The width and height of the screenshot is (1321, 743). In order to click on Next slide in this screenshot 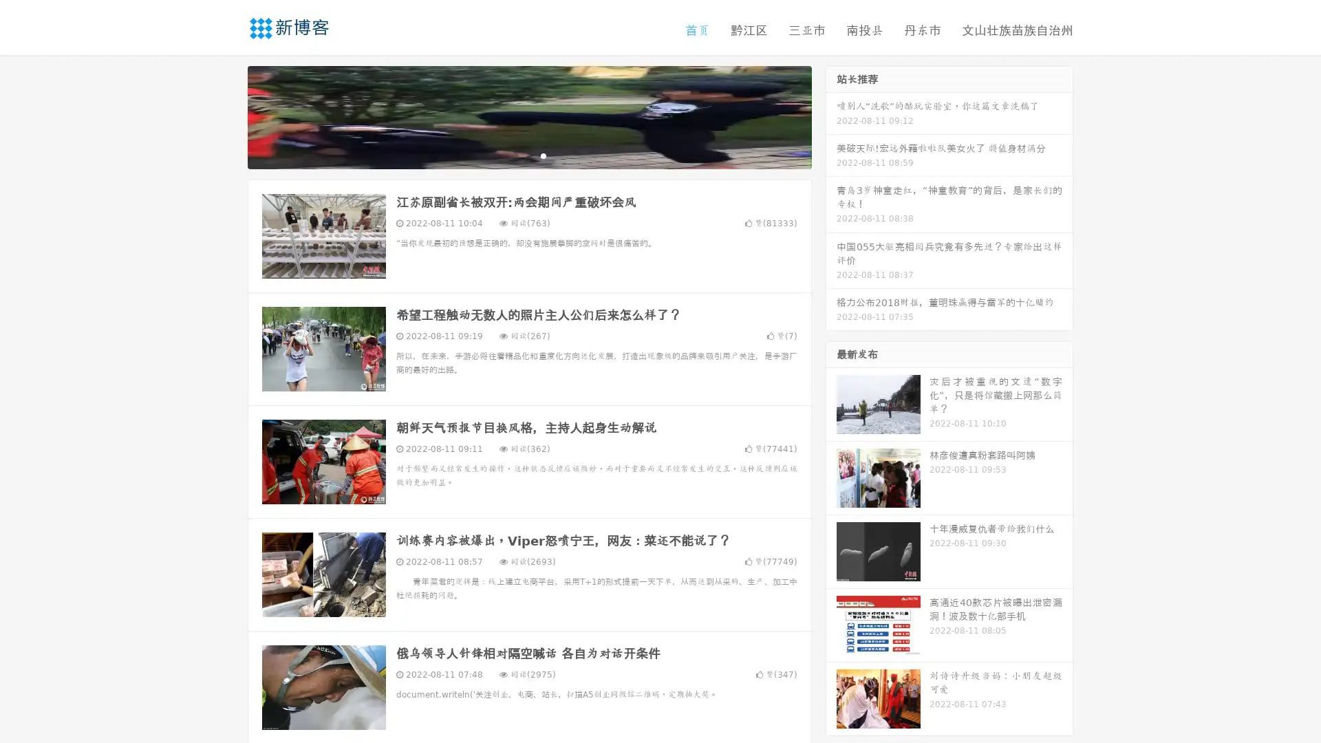, I will do `click(831, 116)`.